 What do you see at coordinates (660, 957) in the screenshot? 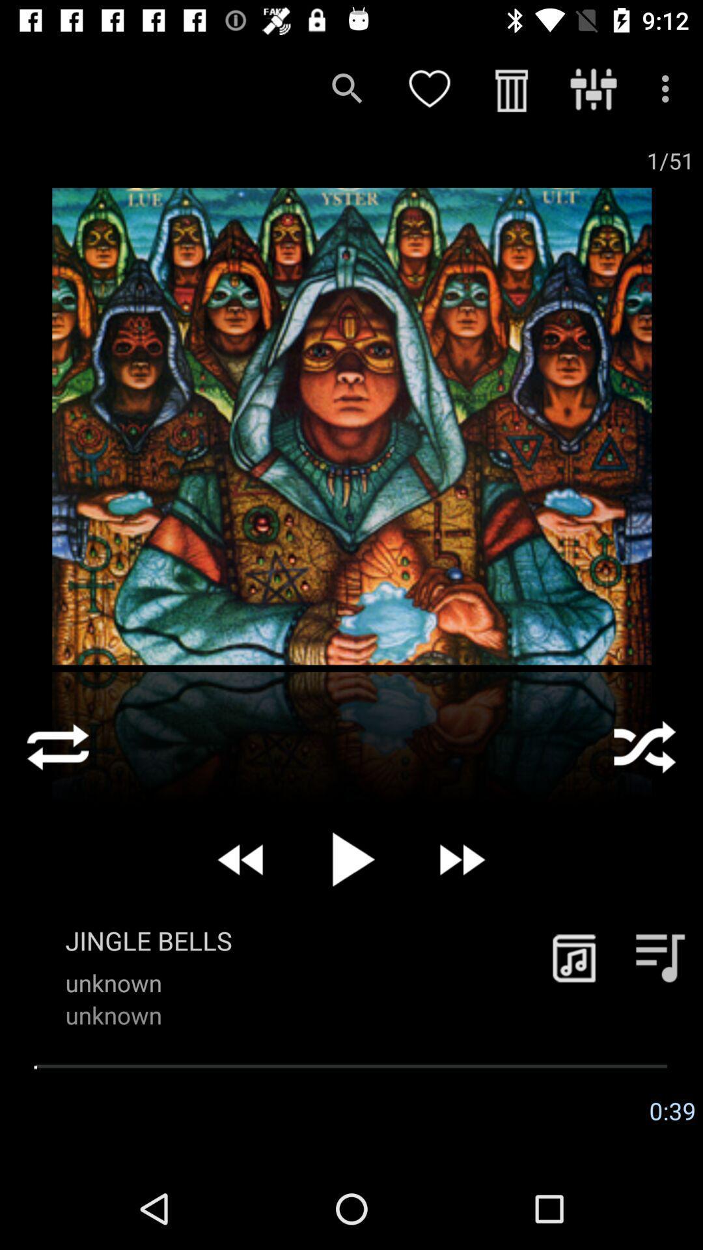
I see `the playlist icon` at bounding box center [660, 957].